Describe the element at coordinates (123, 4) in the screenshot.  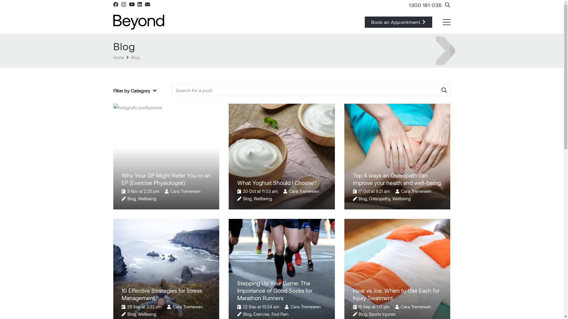
I see `'Instagram'` at that location.